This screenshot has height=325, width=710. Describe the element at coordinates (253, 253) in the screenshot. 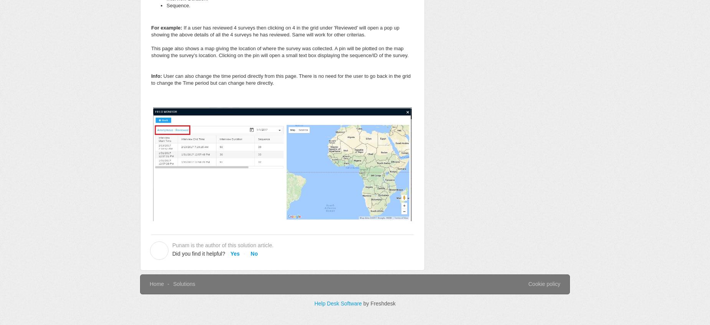

I see `'No'` at that location.